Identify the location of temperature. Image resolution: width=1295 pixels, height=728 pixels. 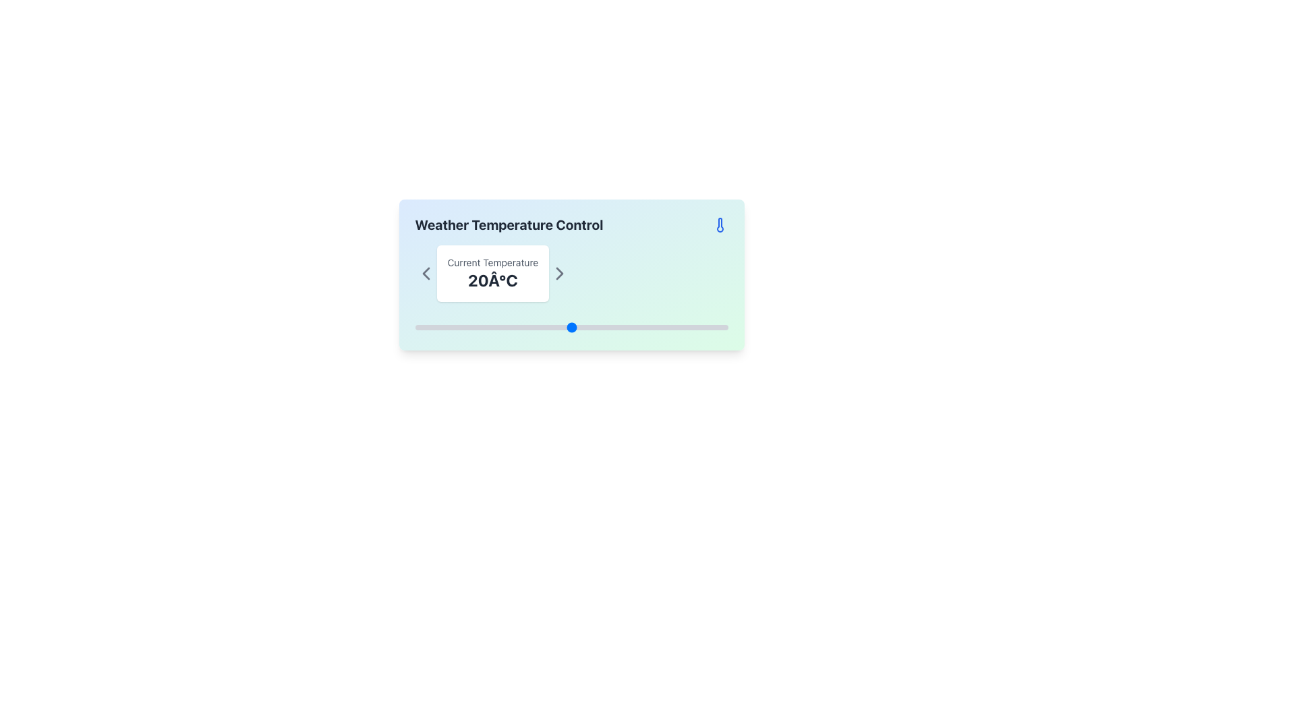
(689, 328).